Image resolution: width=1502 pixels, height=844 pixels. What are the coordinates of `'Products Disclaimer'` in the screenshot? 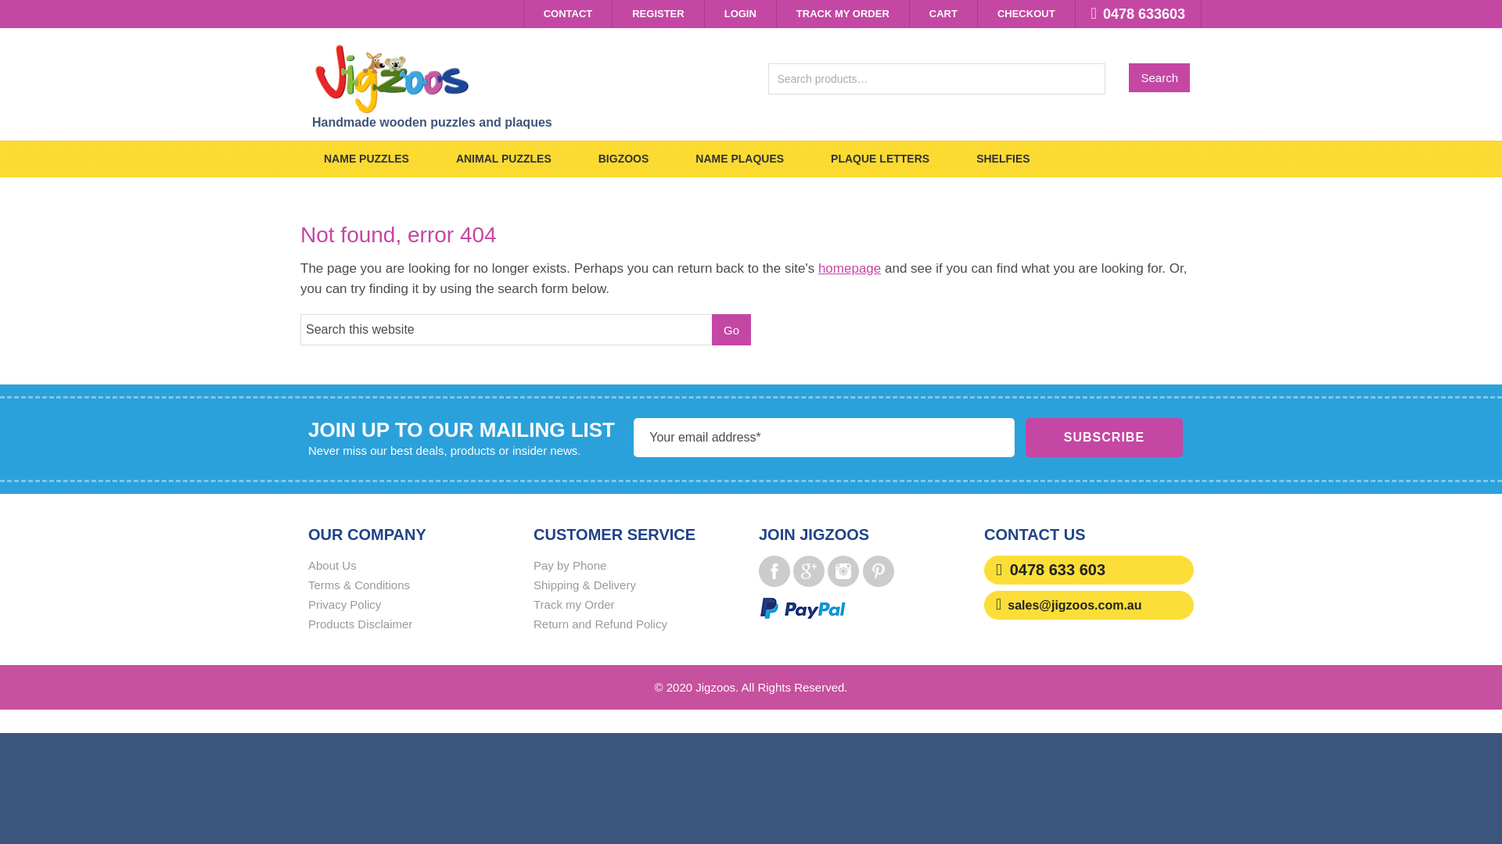 It's located at (359, 623).